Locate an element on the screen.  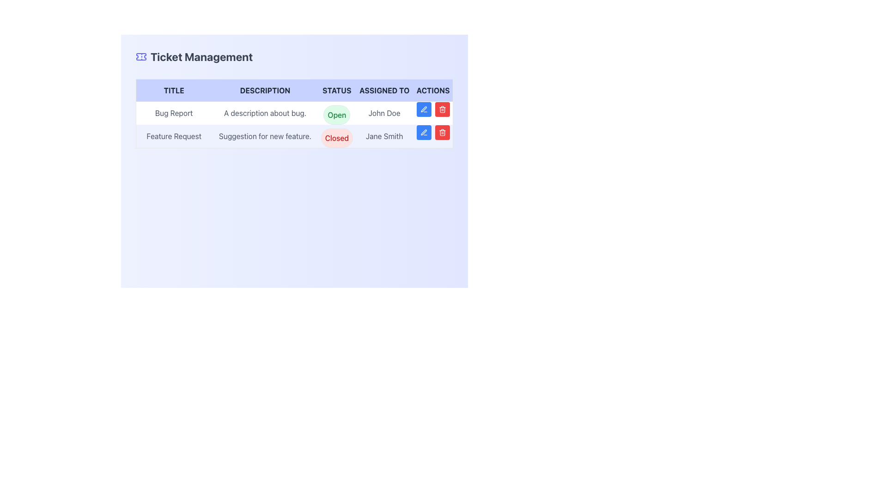
the trash can icon in the Actions column of the second row in the table is located at coordinates (442, 132).